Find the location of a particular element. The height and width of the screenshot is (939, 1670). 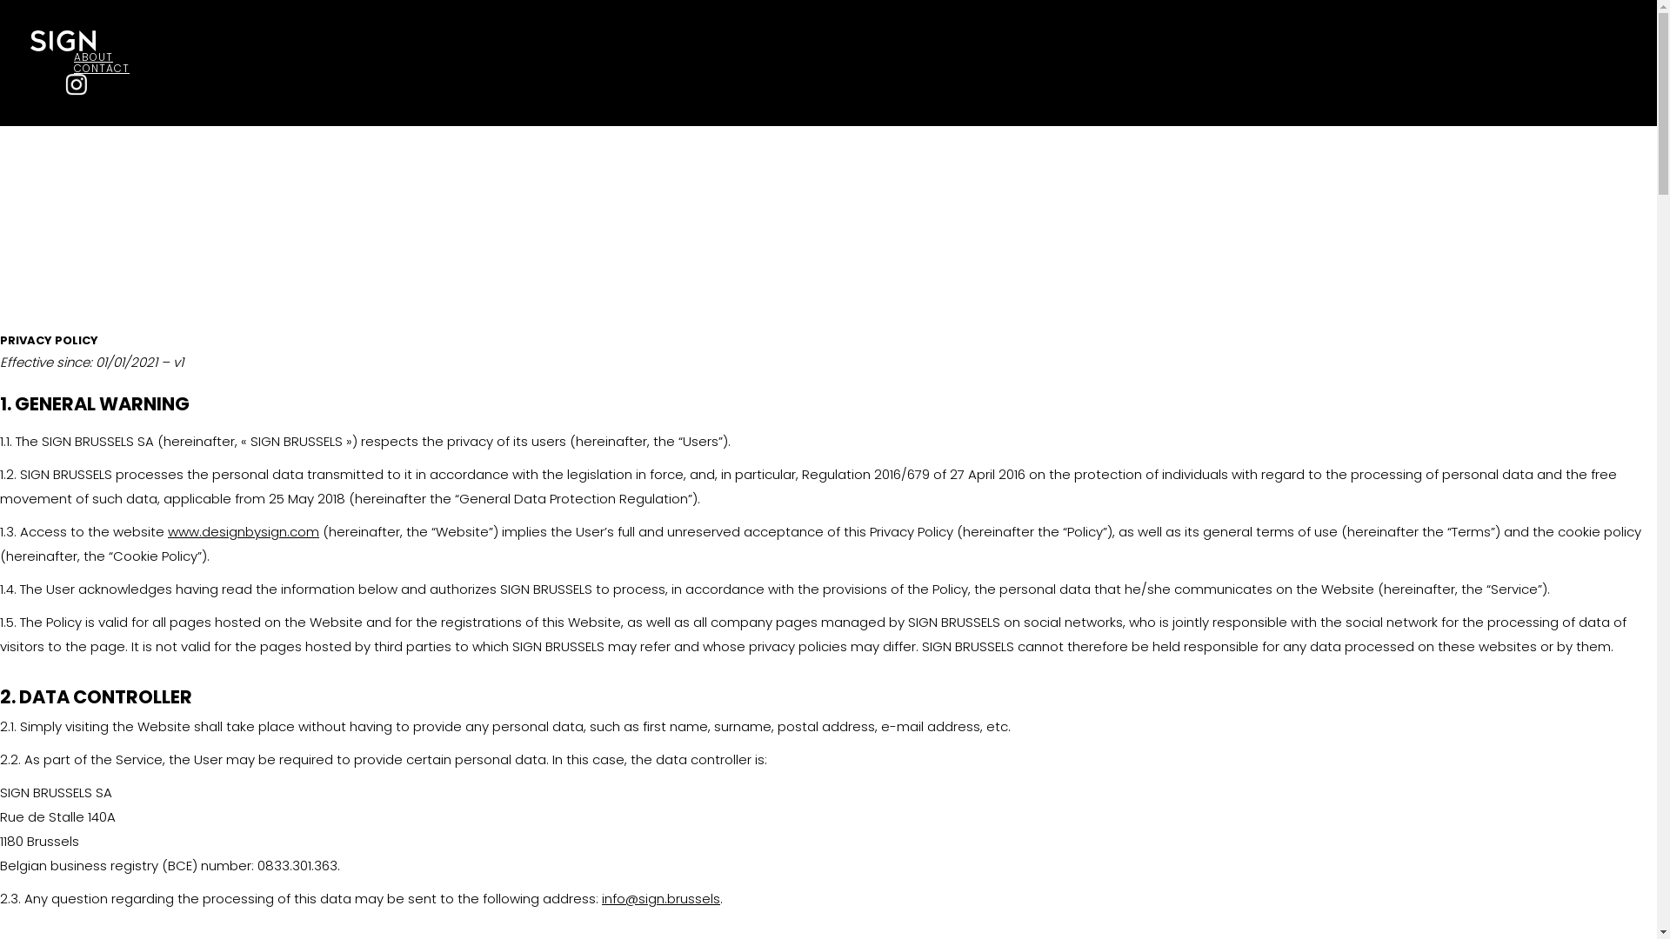

'CONTACT' is located at coordinates (100, 67).